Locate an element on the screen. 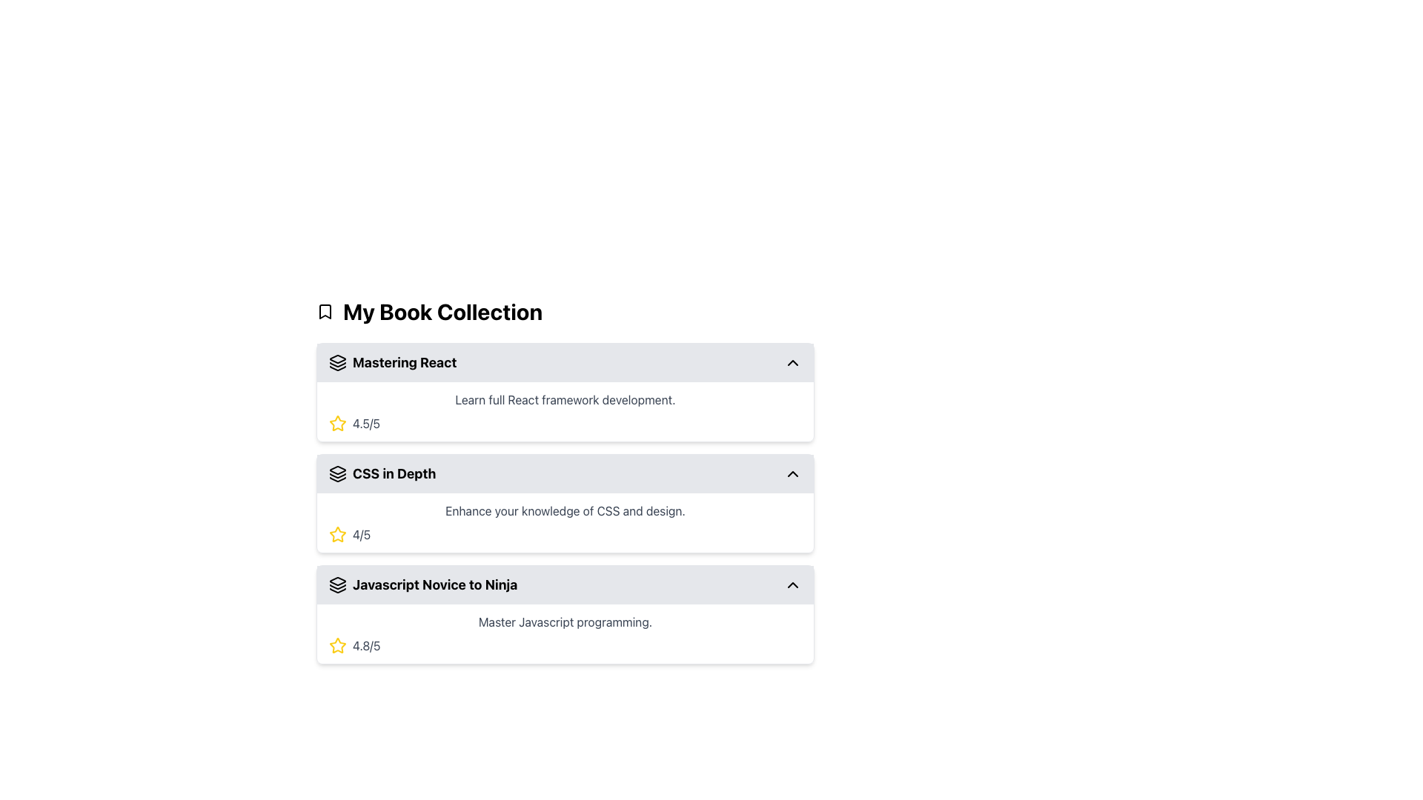 Image resolution: width=1423 pixels, height=800 pixels. the arrow icon within the 'Javascript Novice to Ninja' book description card is located at coordinates (565, 614).